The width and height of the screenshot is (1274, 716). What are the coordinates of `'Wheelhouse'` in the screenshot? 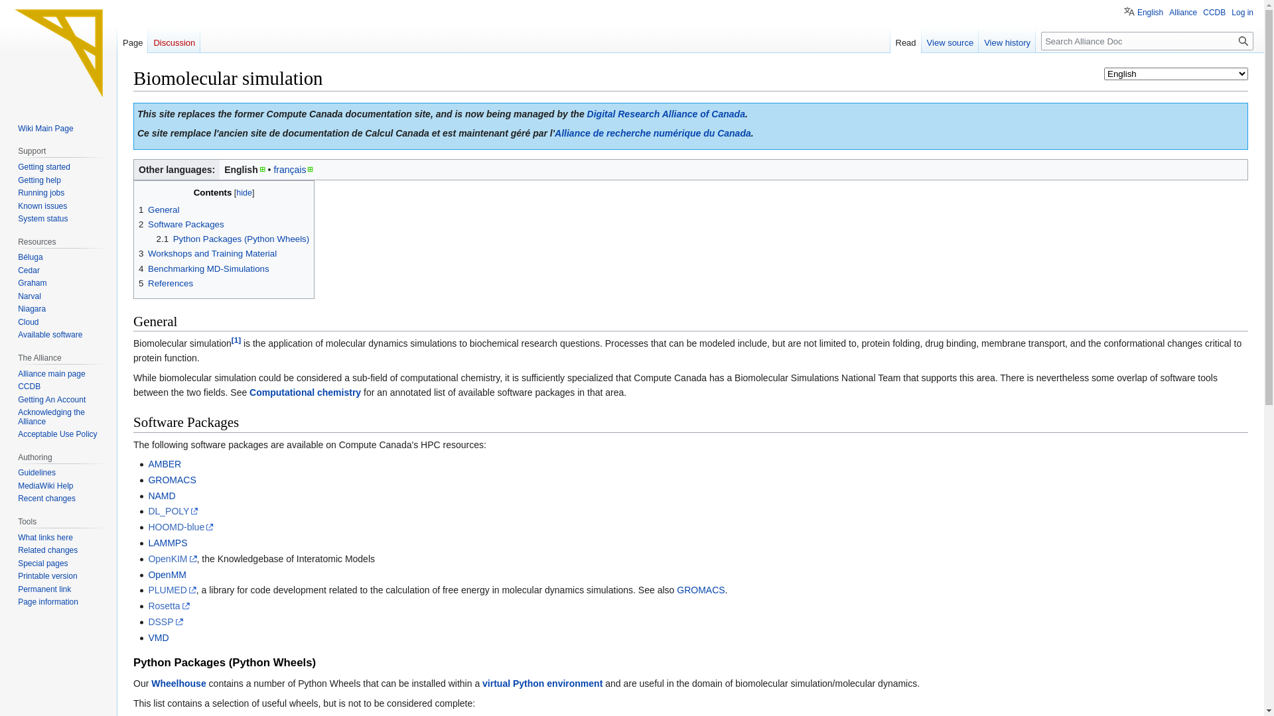 It's located at (177, 683).